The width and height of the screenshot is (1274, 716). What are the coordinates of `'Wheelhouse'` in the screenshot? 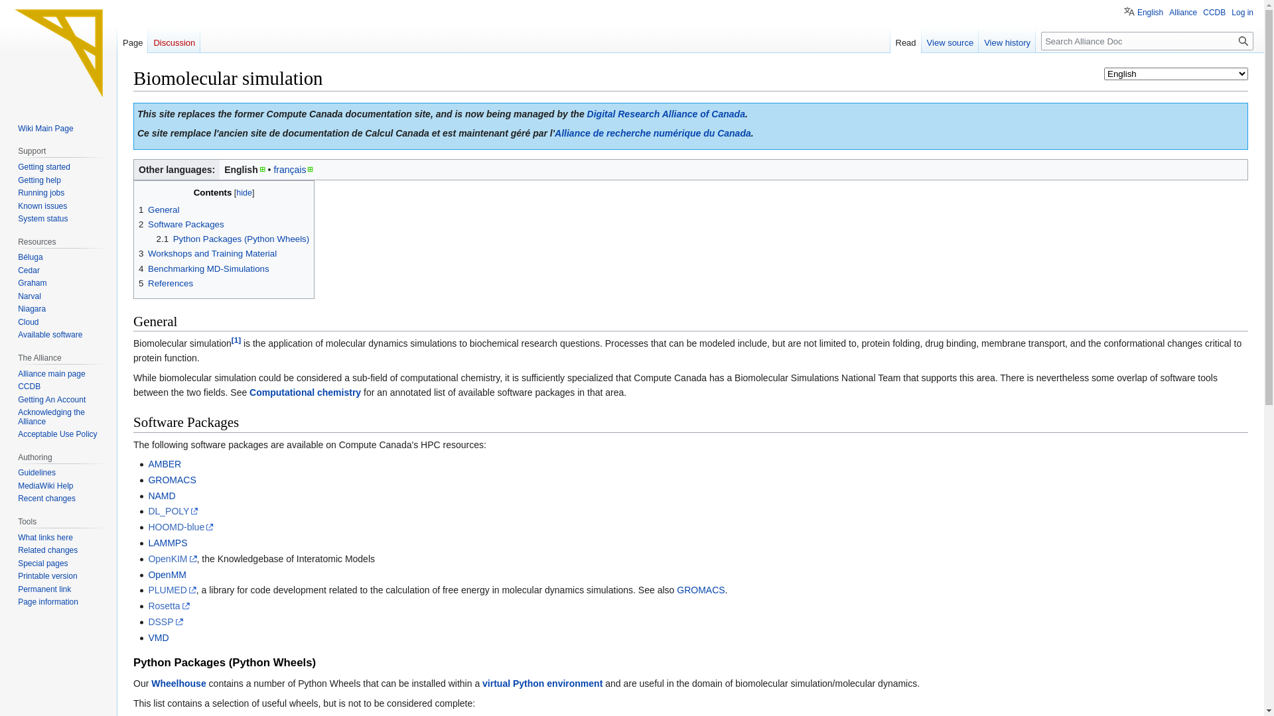 It's located at (177, 683).